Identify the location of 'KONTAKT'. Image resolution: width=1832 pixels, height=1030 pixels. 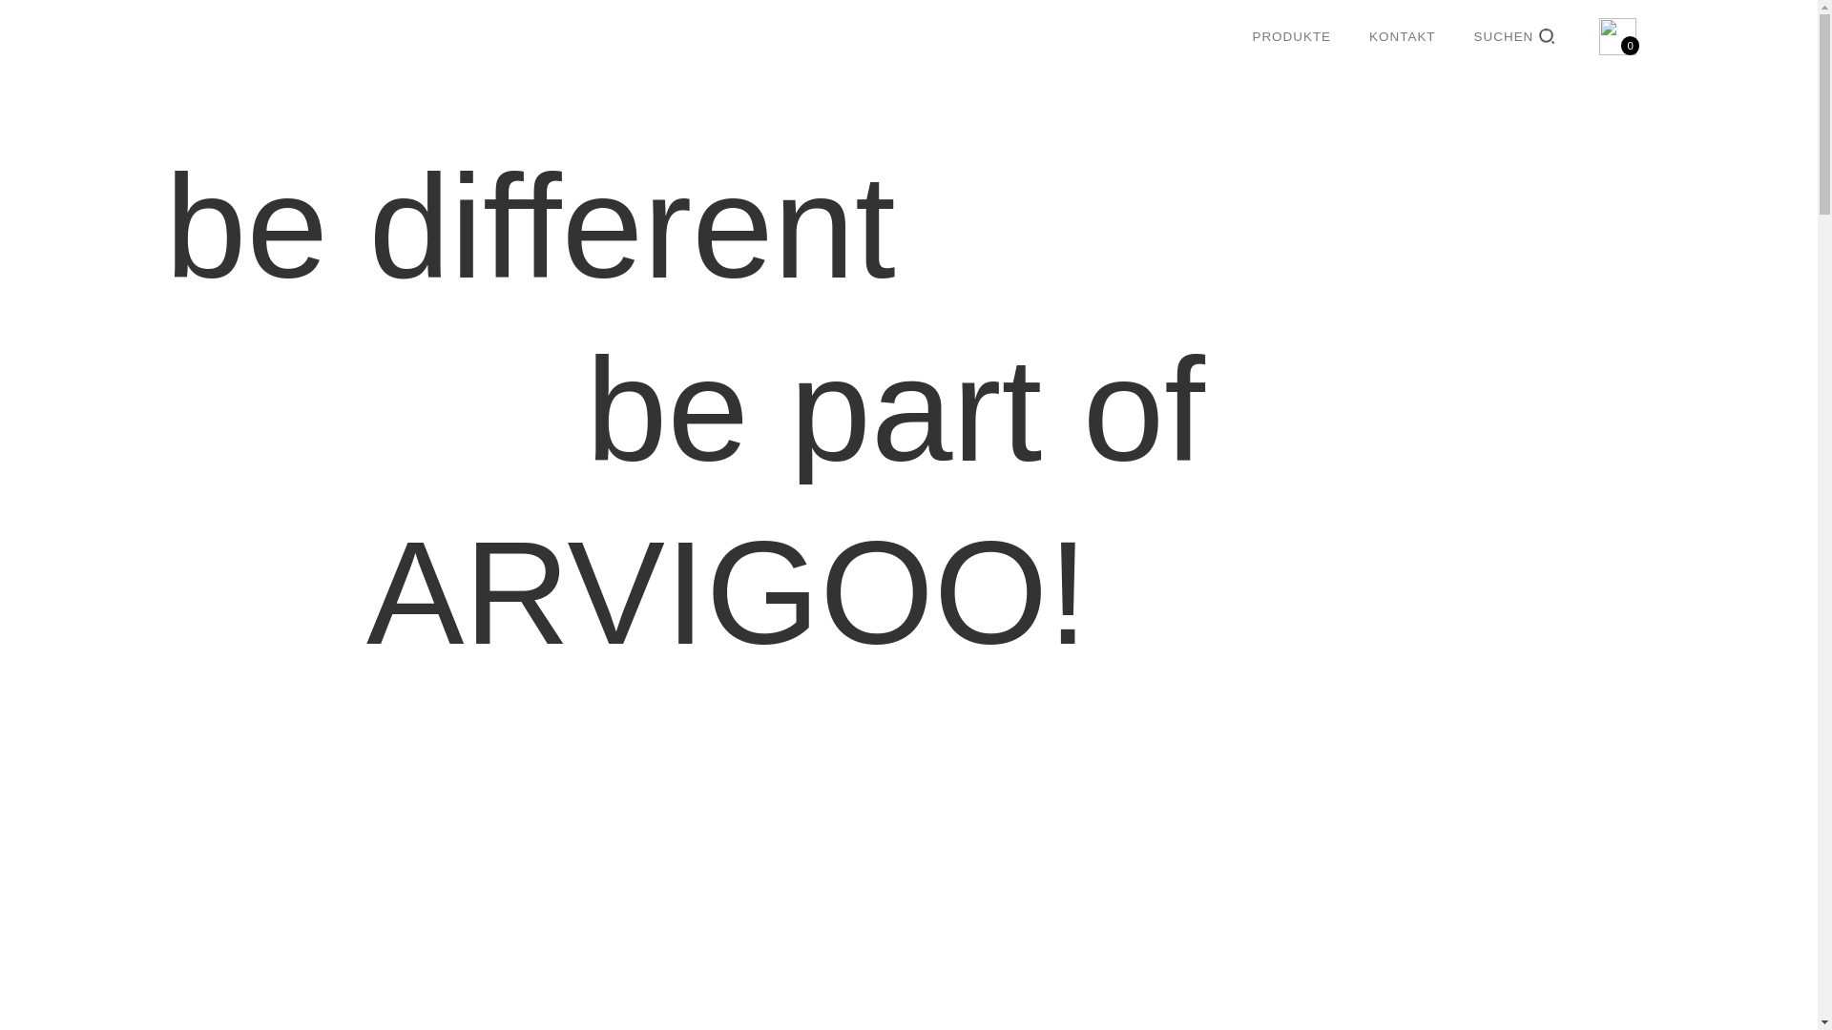
(1402, 36).